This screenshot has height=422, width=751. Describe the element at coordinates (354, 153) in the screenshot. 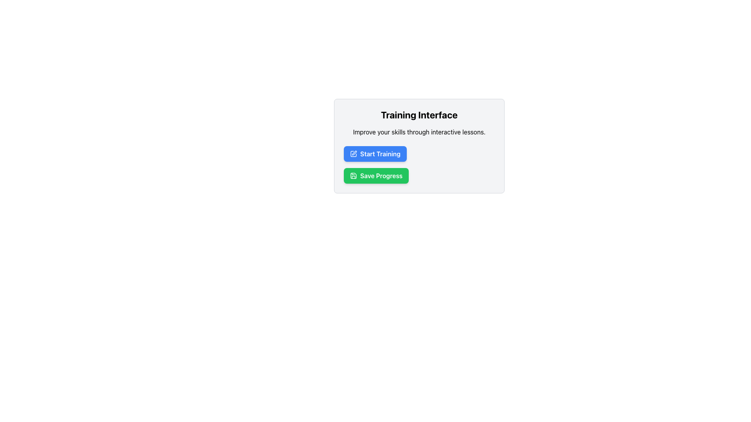

I see `the pen icon representing the edit function in the top-right of the SVG icon` at that location.